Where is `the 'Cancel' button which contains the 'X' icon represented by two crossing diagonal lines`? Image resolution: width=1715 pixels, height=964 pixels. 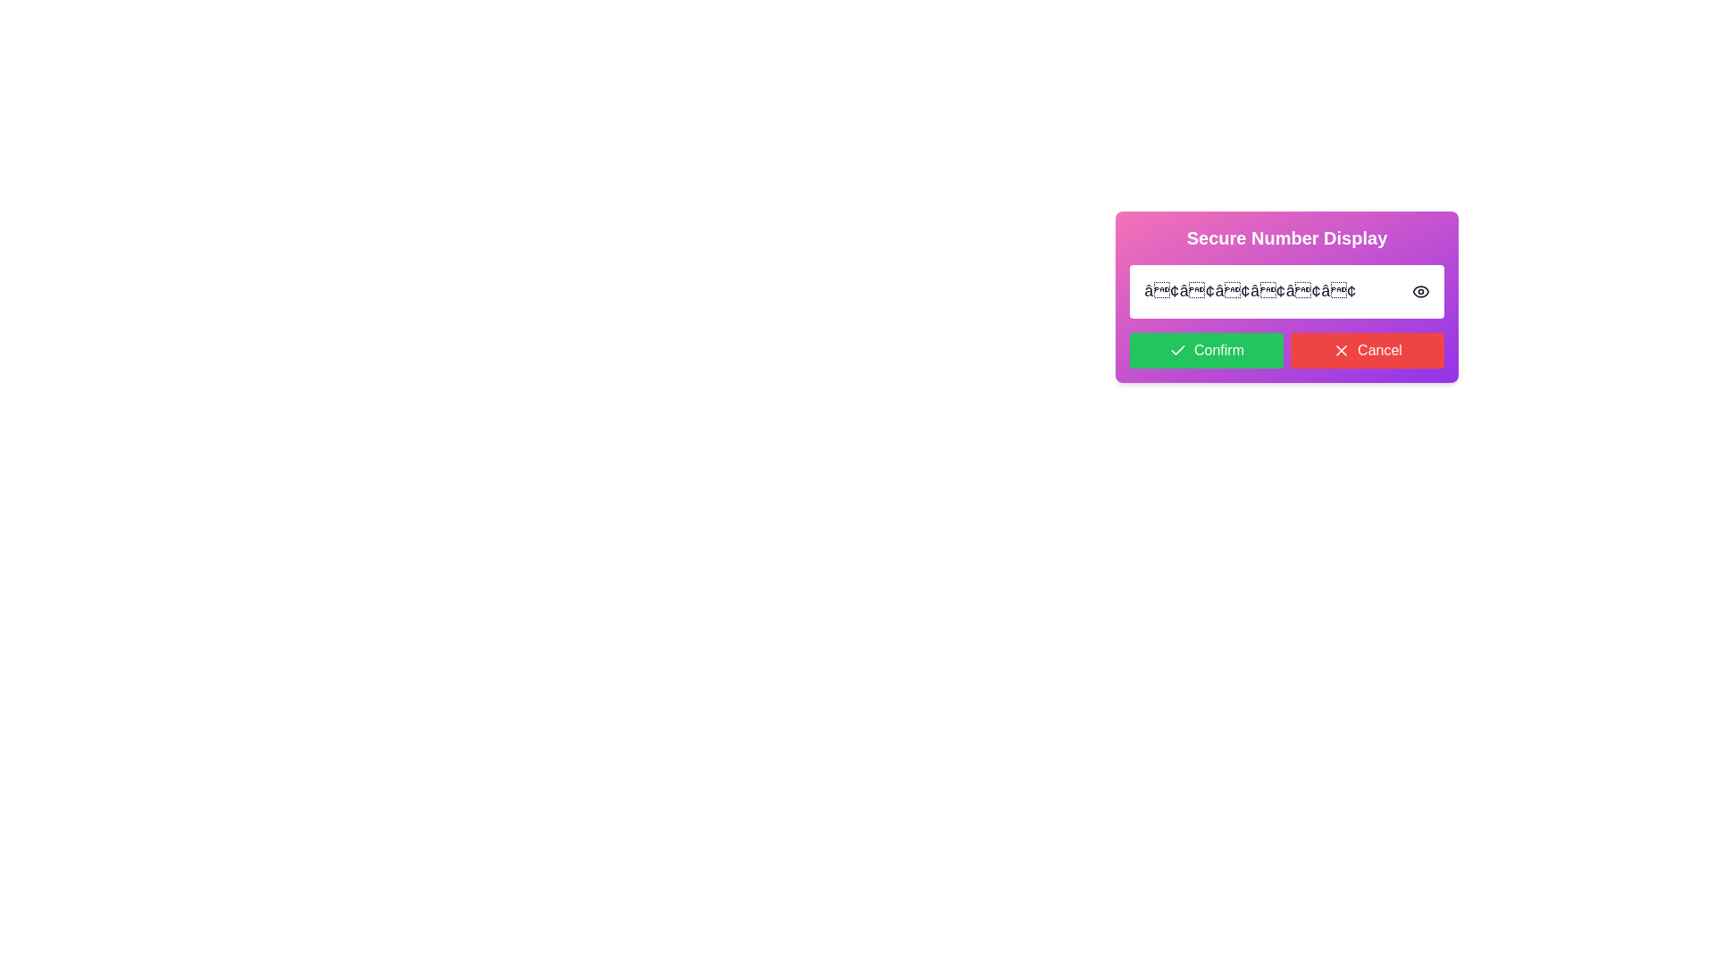 the 'Cancel' button which contains the 'X' icon represented by two crossing diagonal lines is located at coordinates (1342, 351).